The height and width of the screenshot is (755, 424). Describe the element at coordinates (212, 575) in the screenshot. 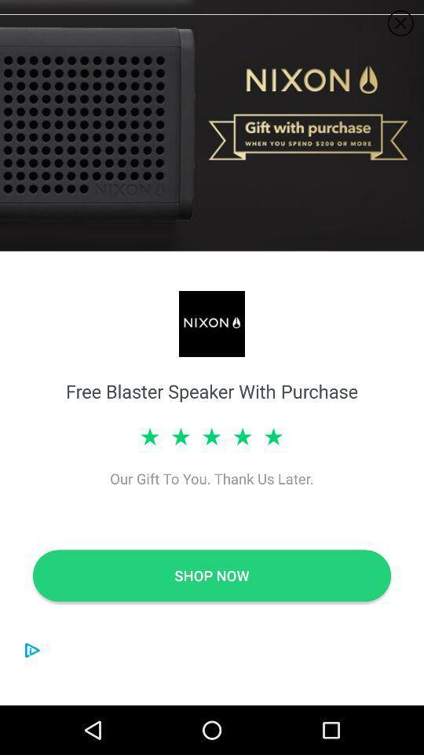

I see `the app below the our gift to icon` at that location.